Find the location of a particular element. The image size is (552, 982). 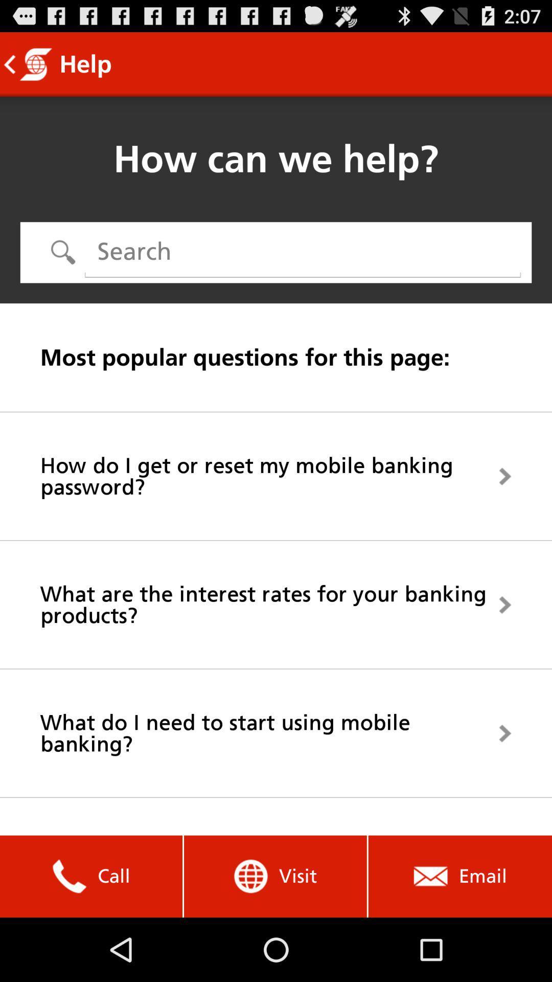

icon above what do i app is located at coordinates (276, 605).